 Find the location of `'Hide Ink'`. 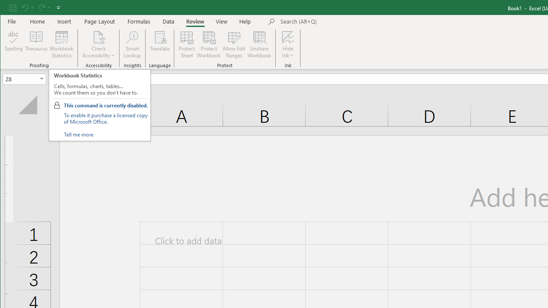

'Hide Ink' is located at coordinates (288, 36).